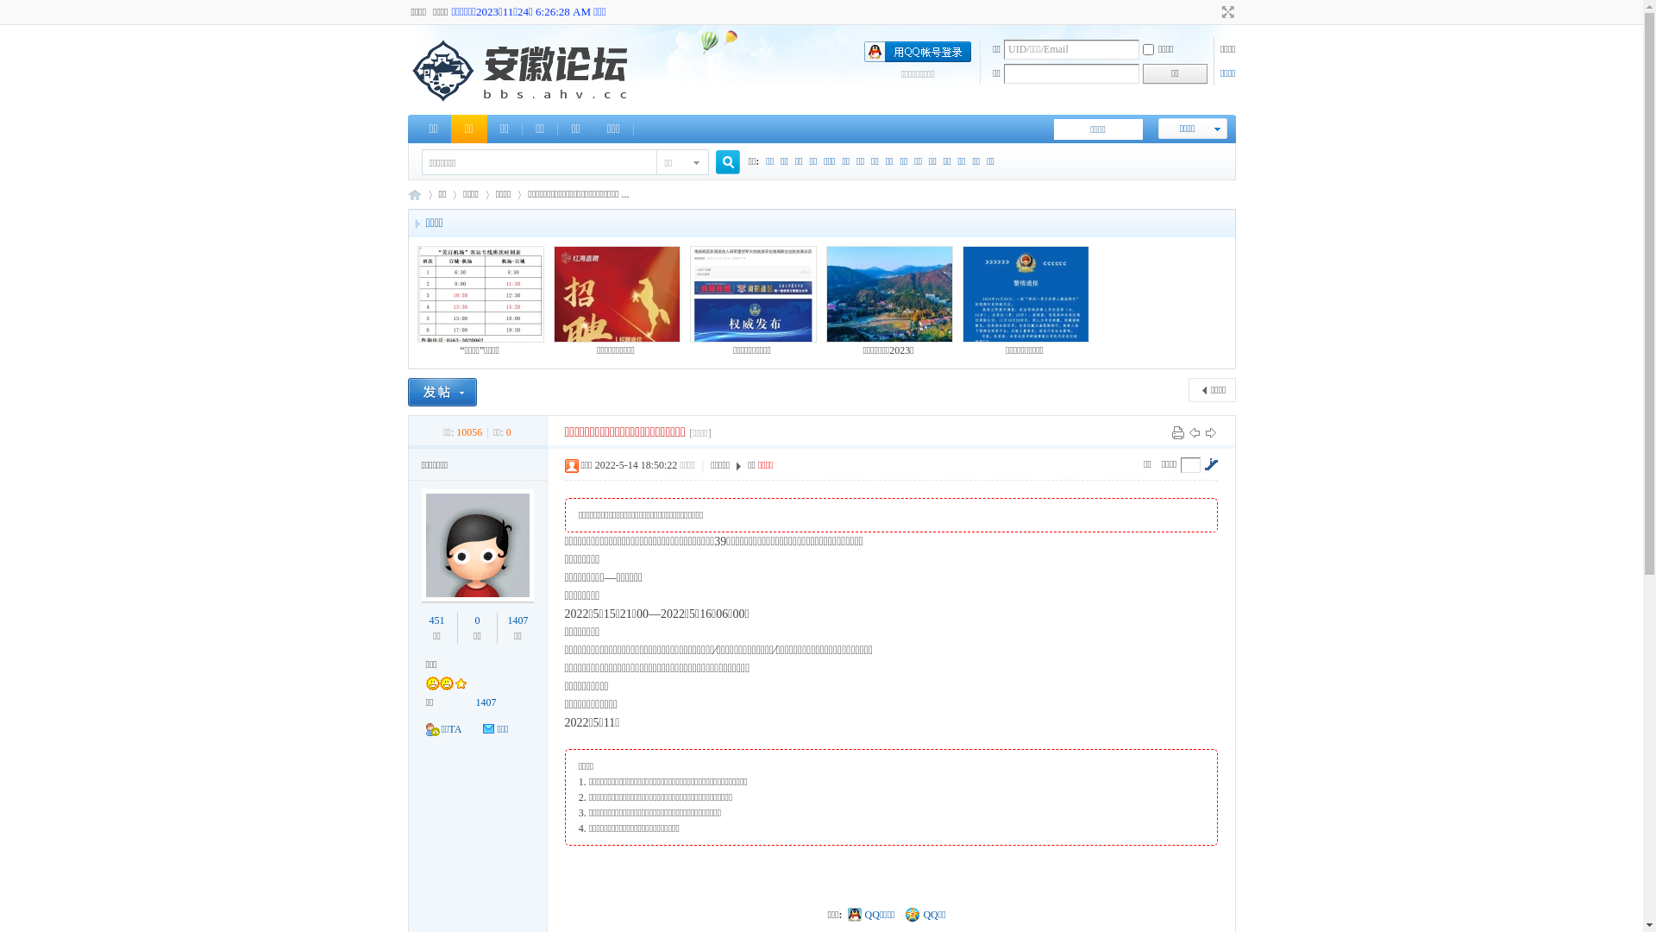 Image resolution: width=1656 pixels, height=932 pixels. What do you see at coordinates (437, 619) in the screenshot?
I see `'451'` at bounding box center [437, 619].